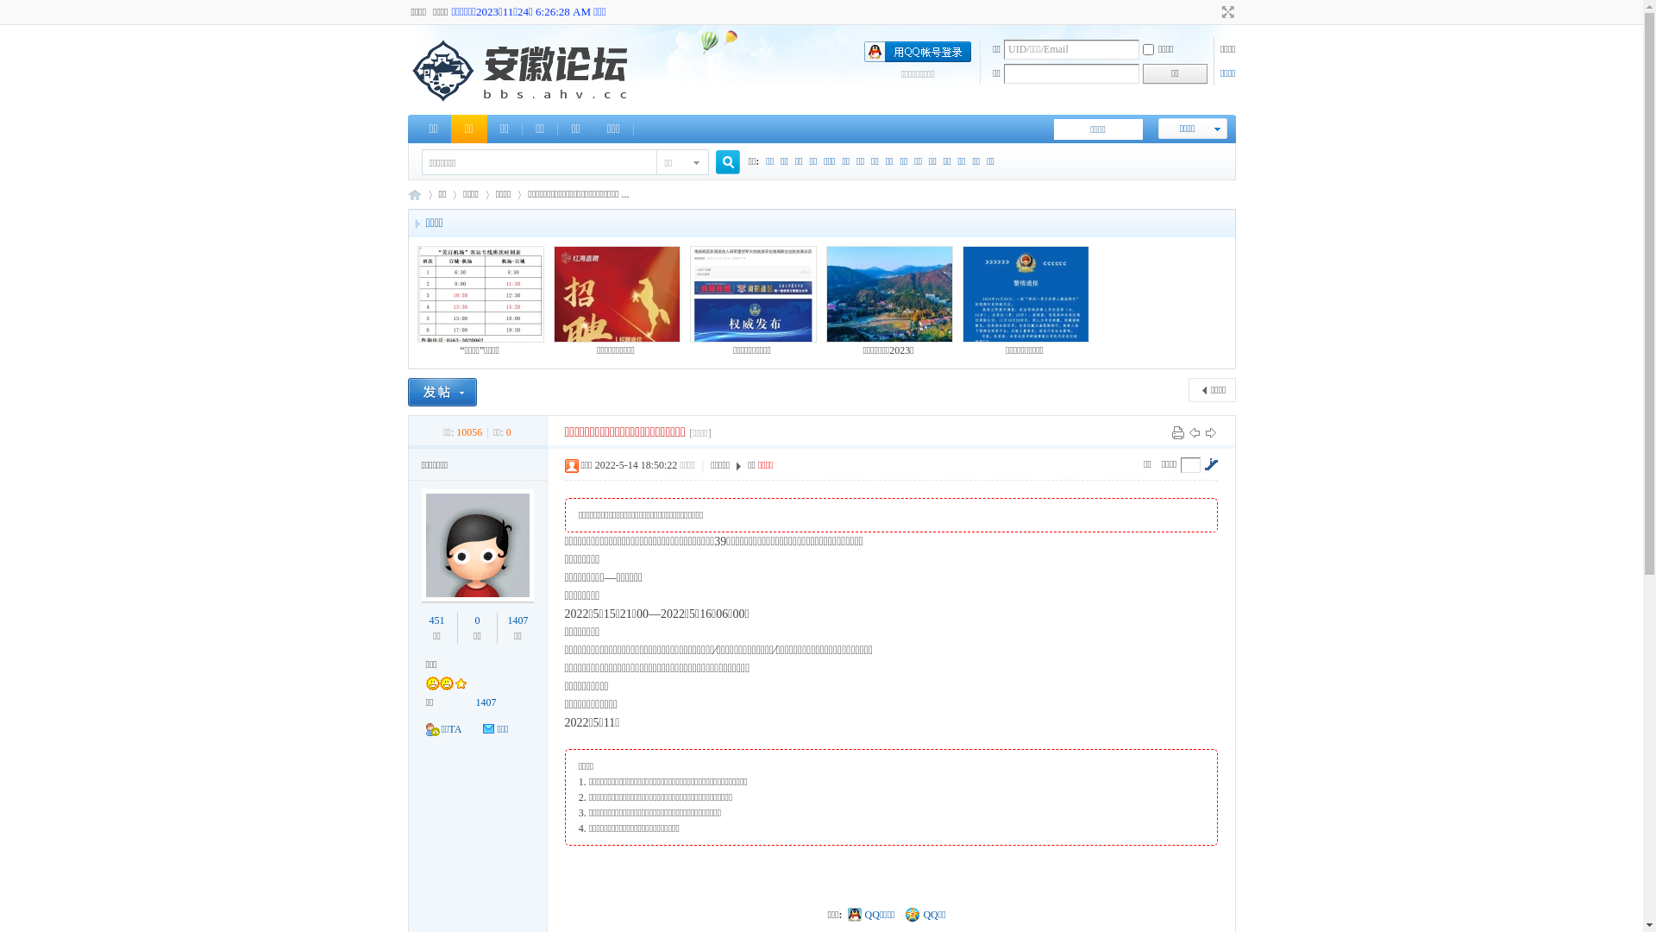 Image resolution: width=1656 pixels, height=932 pixels. What do you see at coordinates (437, 619) in the screenshot?
I see `'451'` at bounding box center [437, 619].